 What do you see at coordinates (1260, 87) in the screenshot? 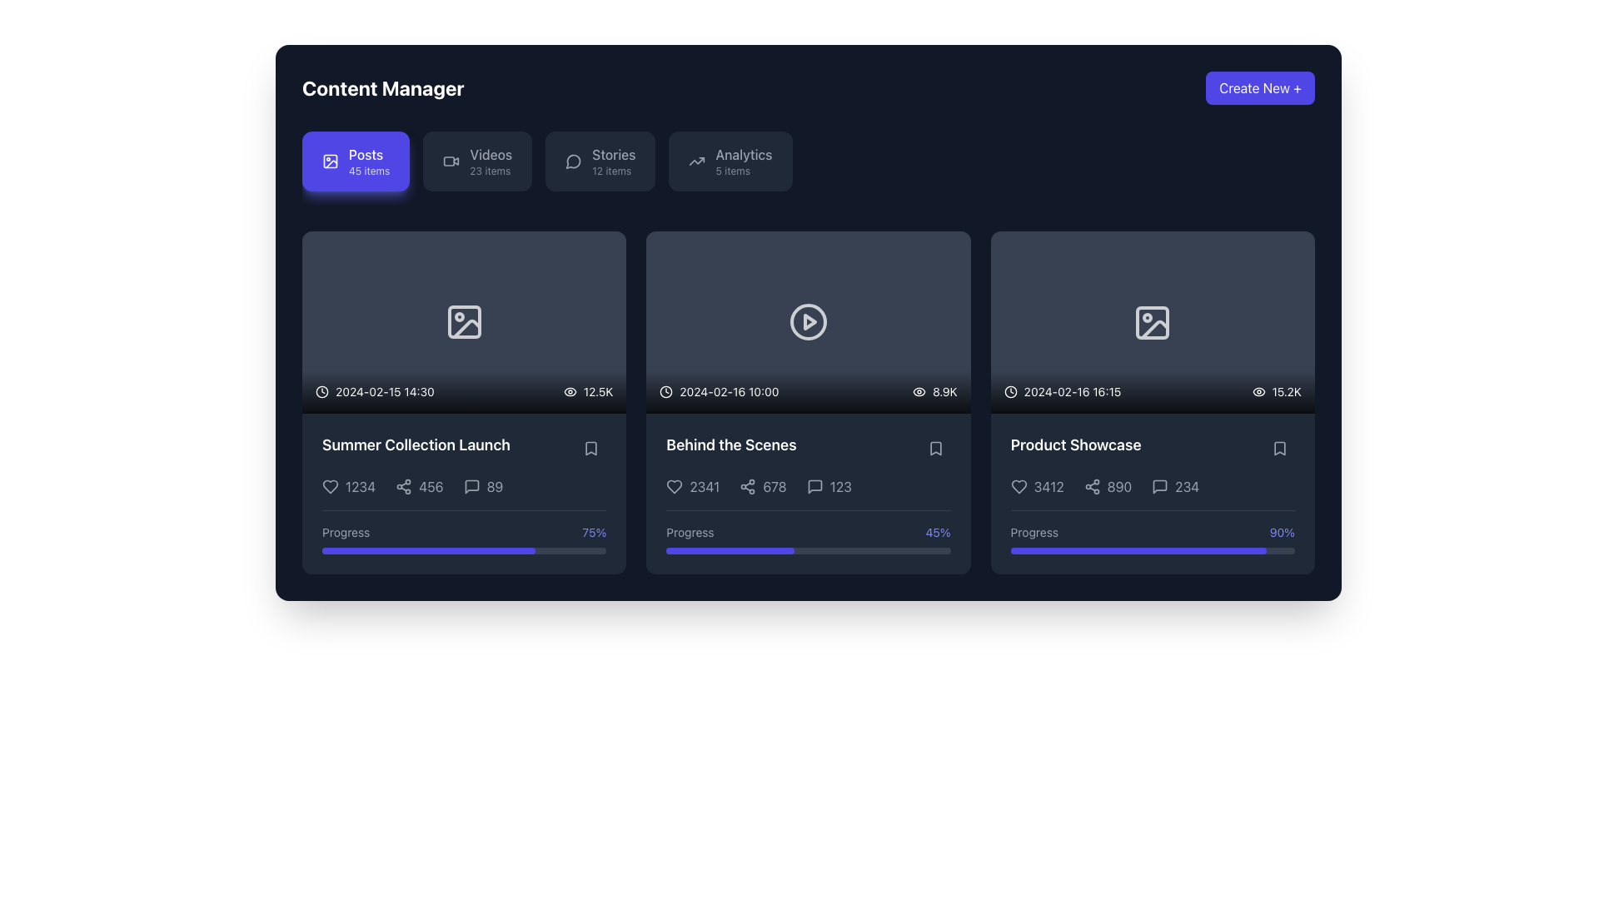
I see `the 'Create New +' button with a blue background and white text` at bounding box center [1260, 87].